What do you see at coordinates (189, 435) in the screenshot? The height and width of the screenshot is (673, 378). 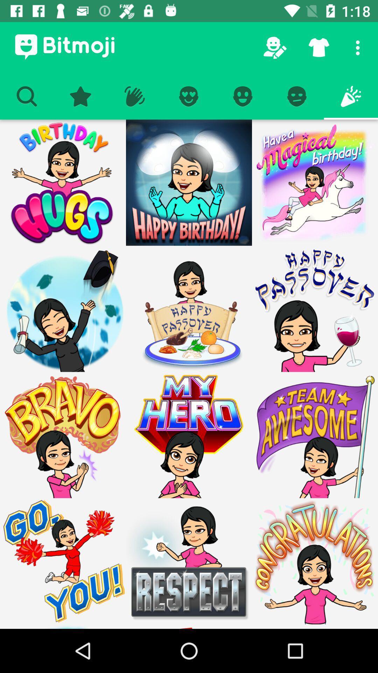 I see `sticker` at bounding box center [189, 435].